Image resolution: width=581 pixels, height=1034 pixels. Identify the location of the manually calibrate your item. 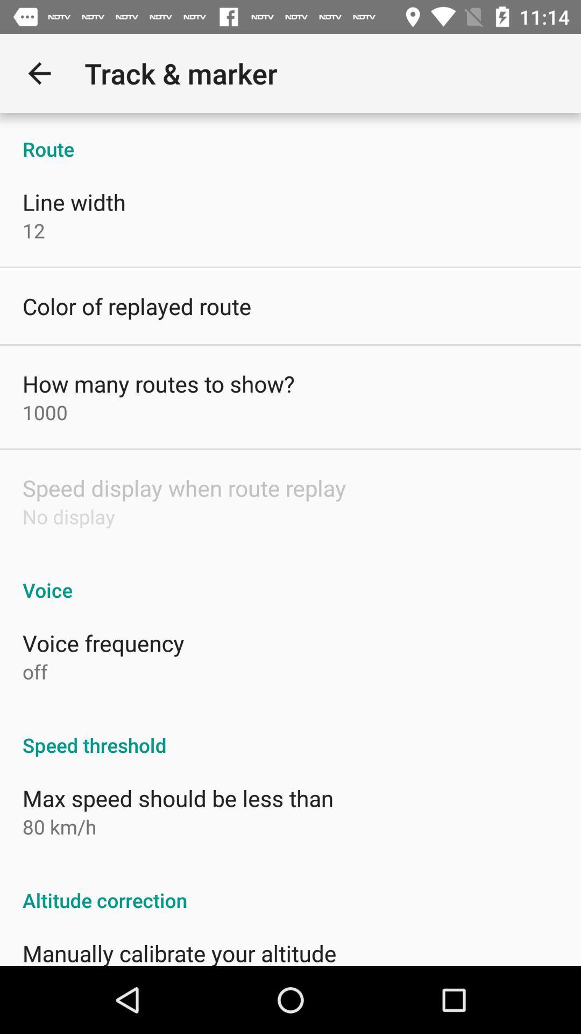
(179, 952).